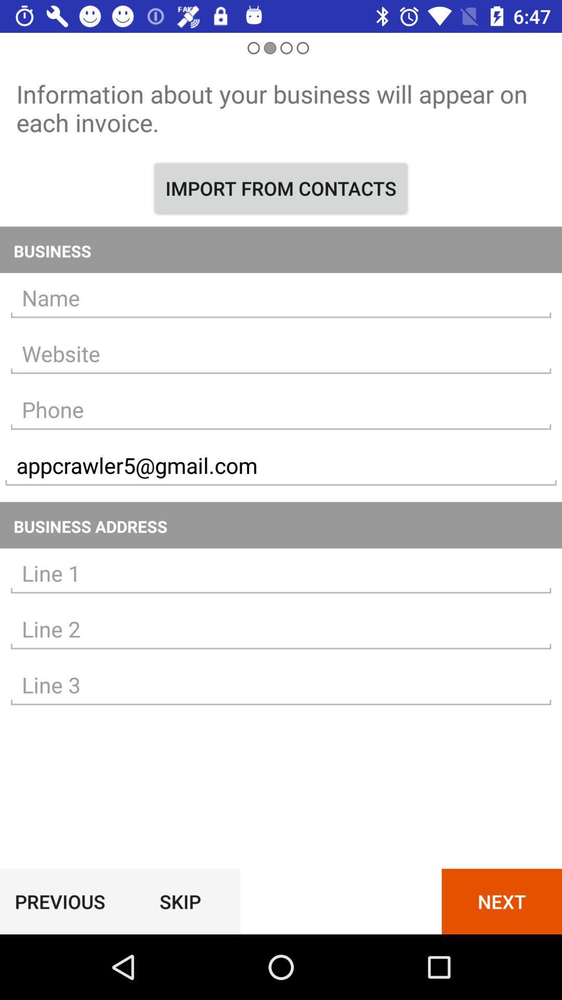  What do you see at coordinates (281, 409) in the screenshot?
I see `the phone number` at bounding box center [281, 409].